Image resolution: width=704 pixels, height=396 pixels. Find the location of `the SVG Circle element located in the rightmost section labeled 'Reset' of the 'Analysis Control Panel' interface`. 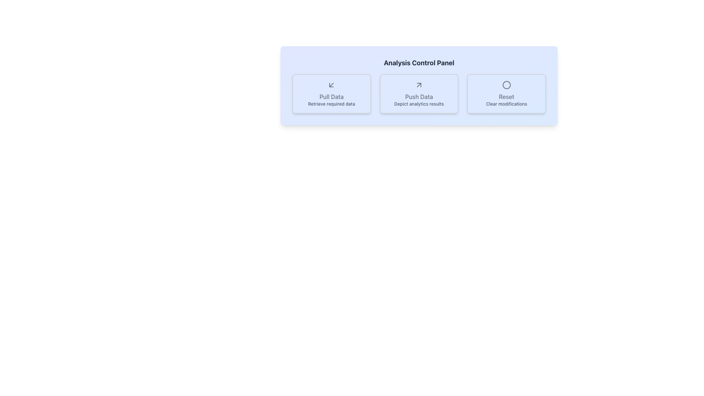

the SVG Circle element located in the rightmost section labeled 'Reset' of the 'Analysis Control Panel' interface is located at coordinates (506, 84).